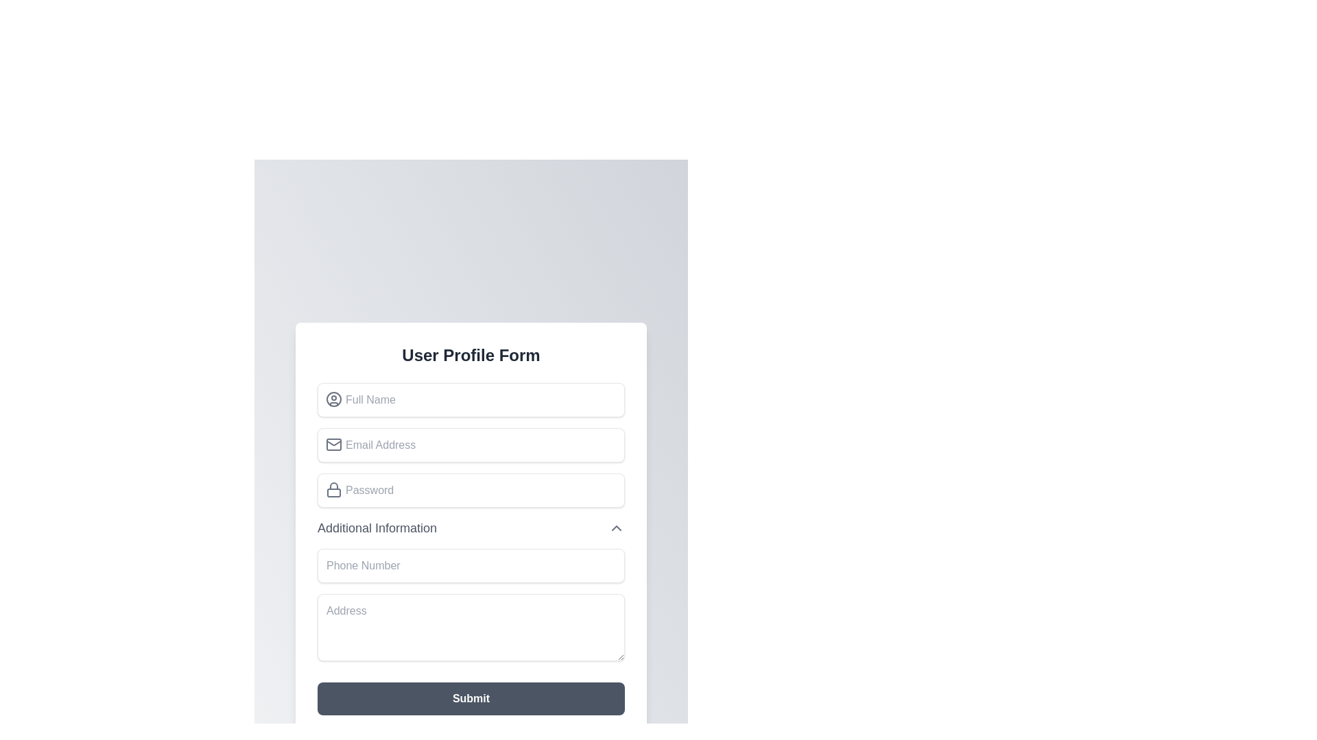  I want to click on the outermost circular border of the user-related icon located to the left of the 'Full Name' input field in the 'User Profile Form' interface, so click(333, 399).